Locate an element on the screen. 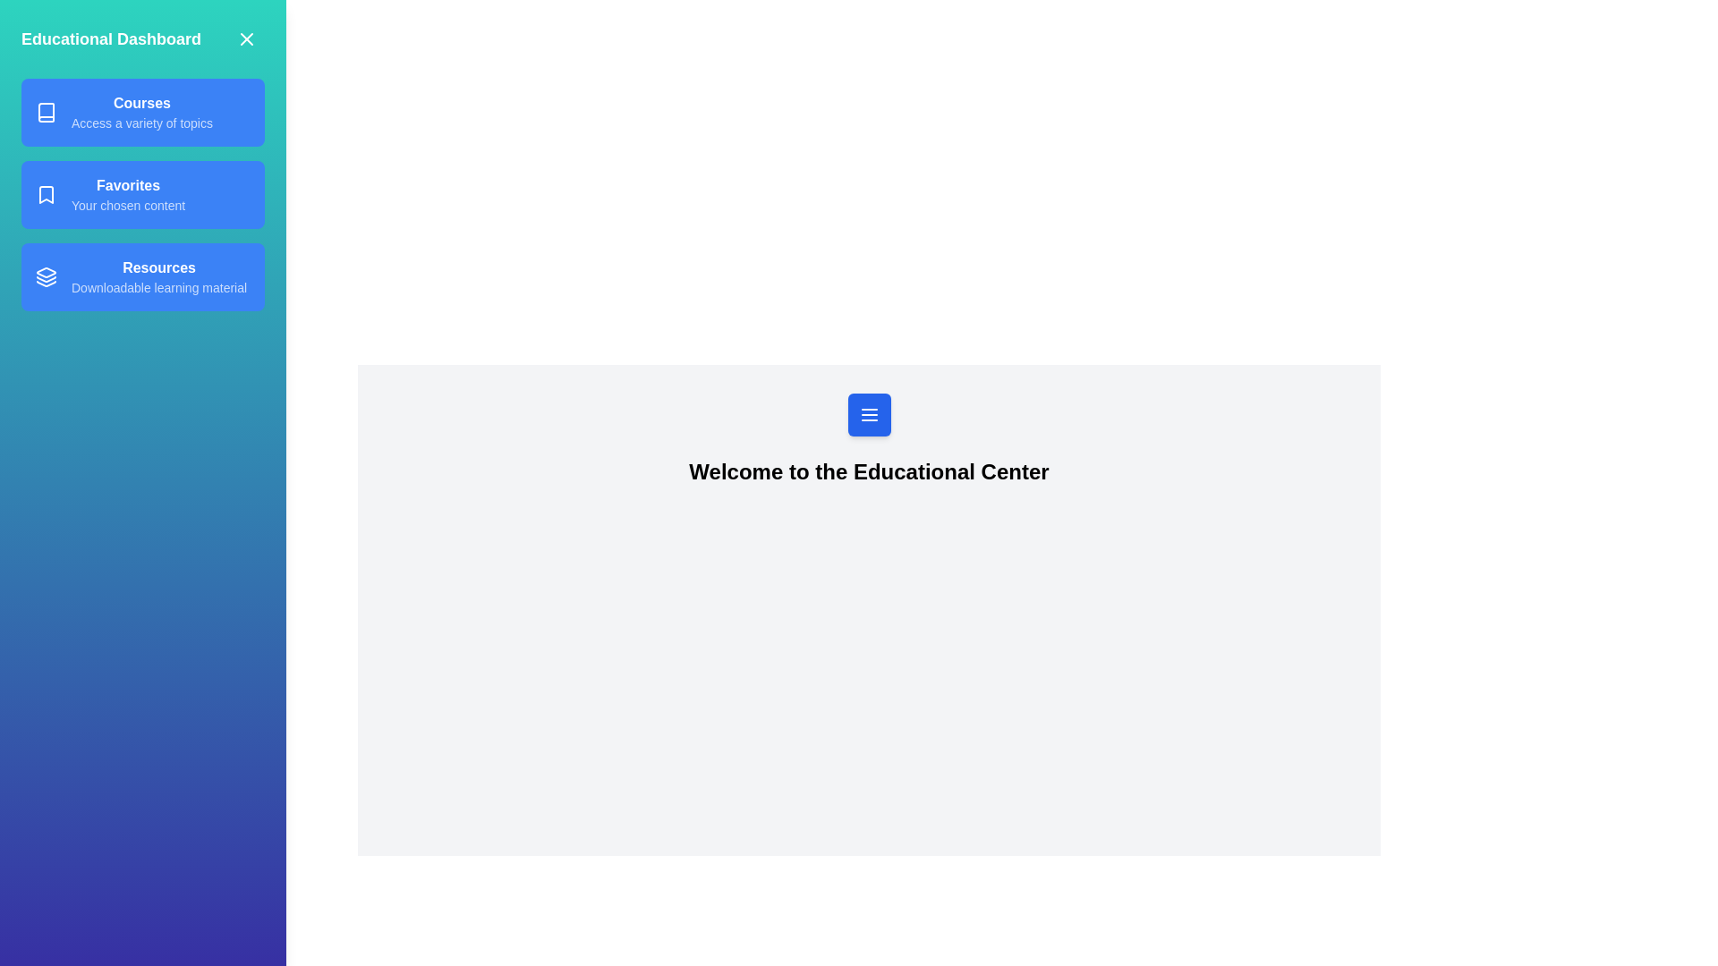  the text in the specified section: Resources is located at coordinates (141, 276).